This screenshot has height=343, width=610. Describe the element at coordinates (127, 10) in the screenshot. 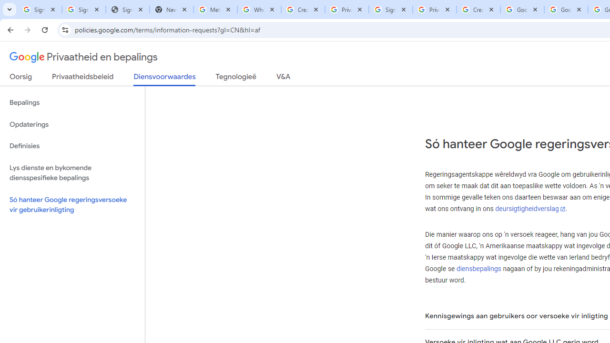

I see `'Sign In - USA TODAY'` at that location.